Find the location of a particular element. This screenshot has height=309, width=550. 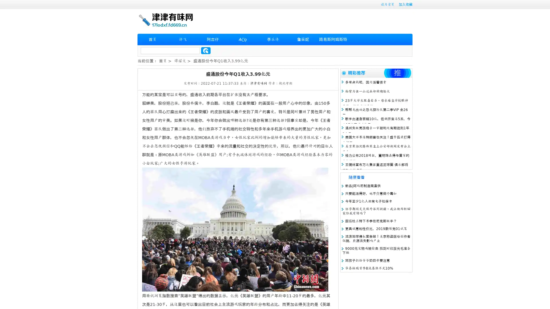

Search is located at coordinates (206, 50).